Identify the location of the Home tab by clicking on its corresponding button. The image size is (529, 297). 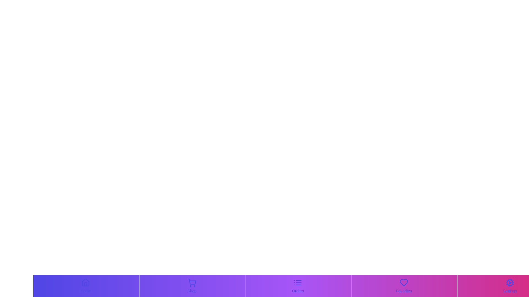
(85, 286).